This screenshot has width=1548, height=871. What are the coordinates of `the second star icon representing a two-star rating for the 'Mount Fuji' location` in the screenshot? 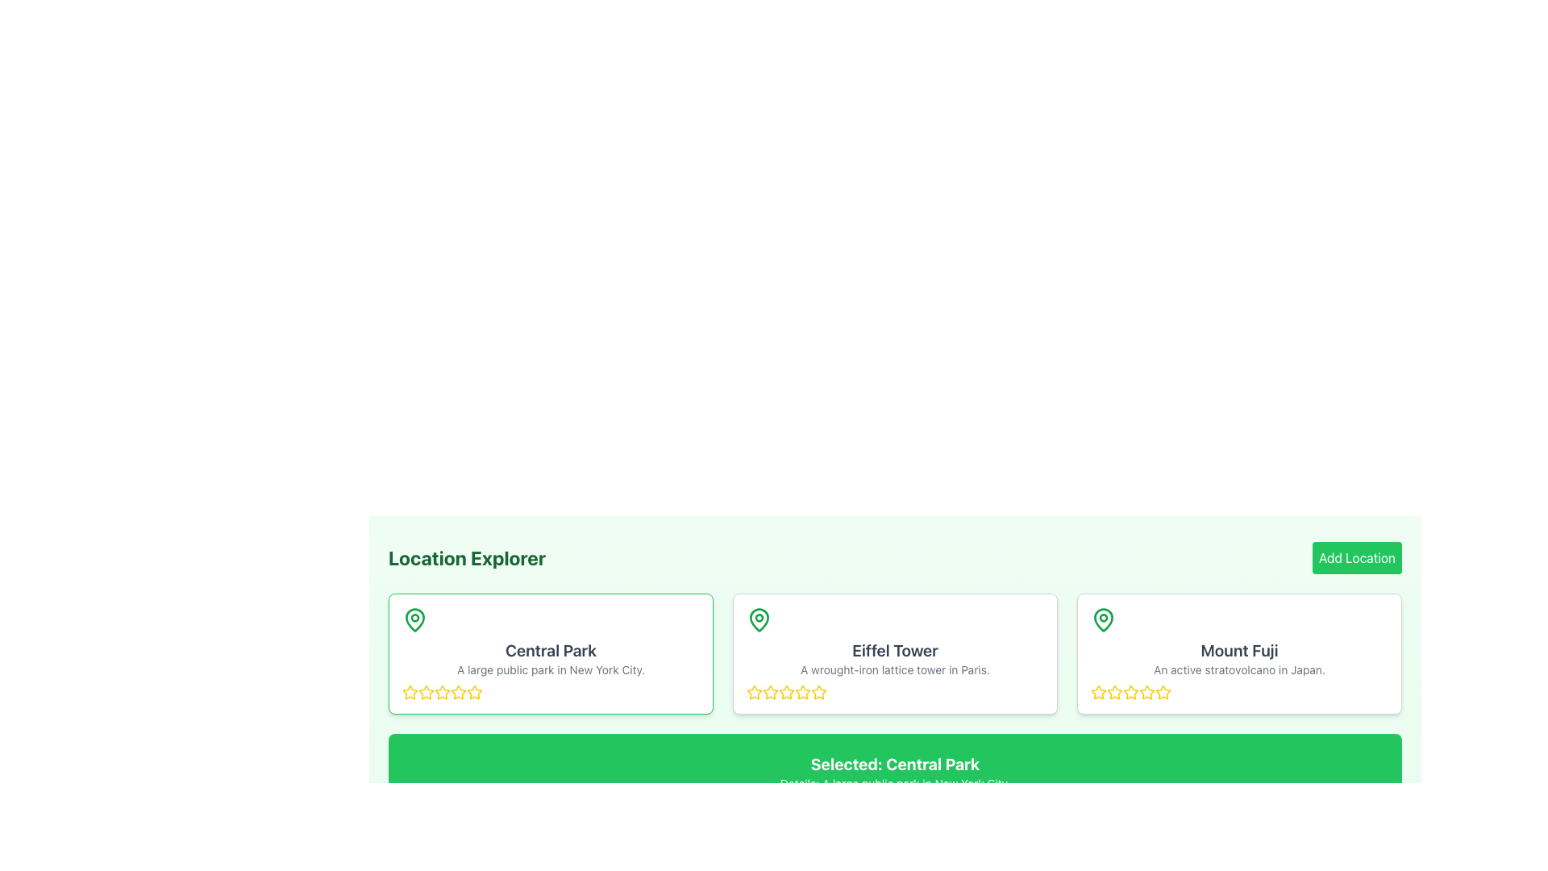 It's located at (1129, 690).